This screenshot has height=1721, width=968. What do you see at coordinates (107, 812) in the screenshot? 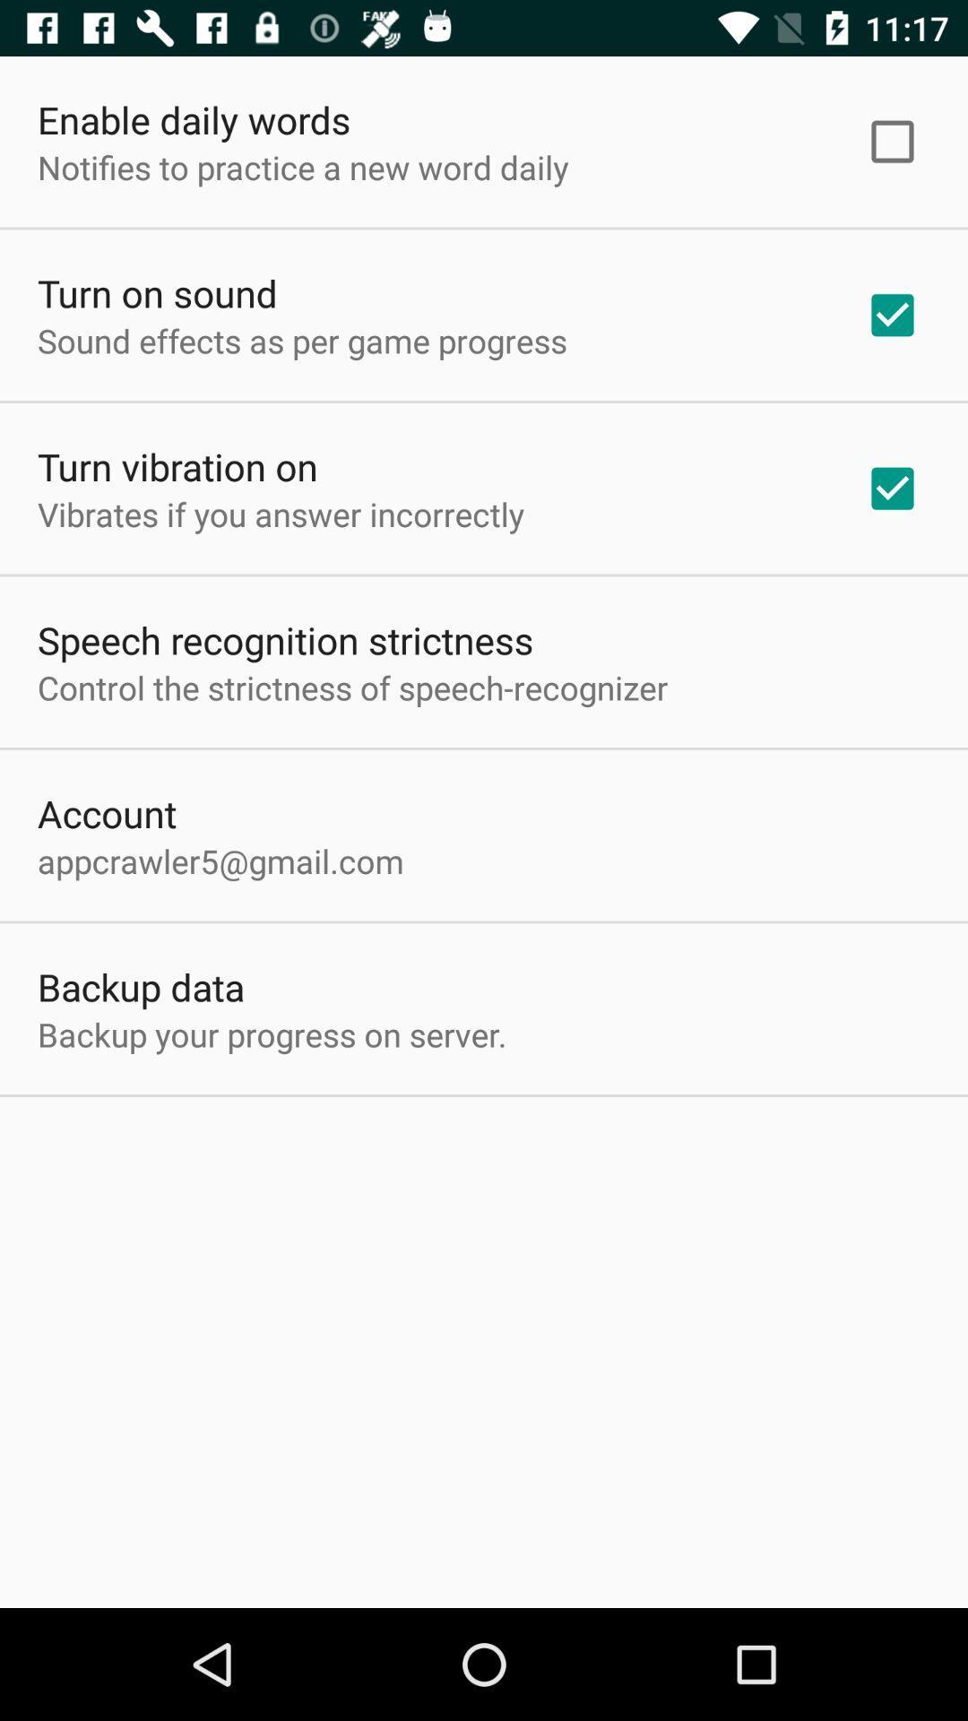
I see `account` at bounding box center [107, 812].